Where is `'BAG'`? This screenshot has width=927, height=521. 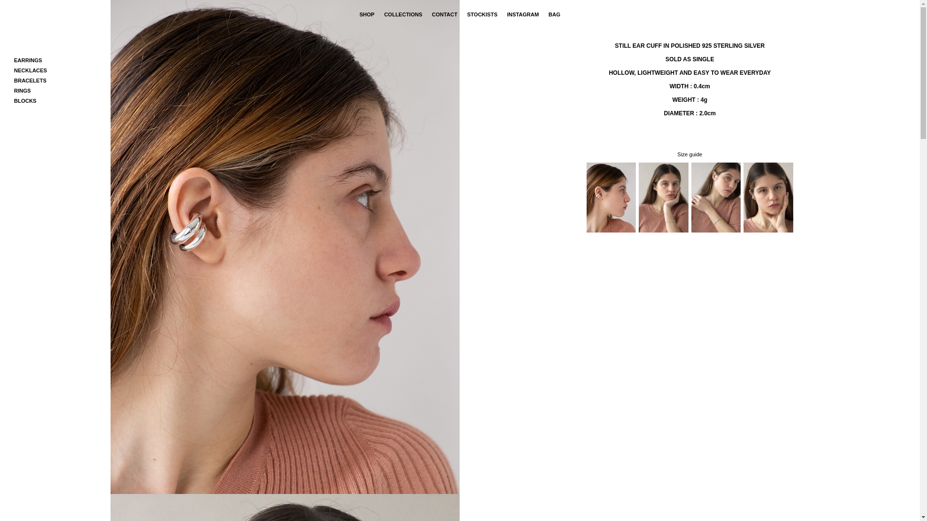
'BAG' is located at coordinates (554, 14).